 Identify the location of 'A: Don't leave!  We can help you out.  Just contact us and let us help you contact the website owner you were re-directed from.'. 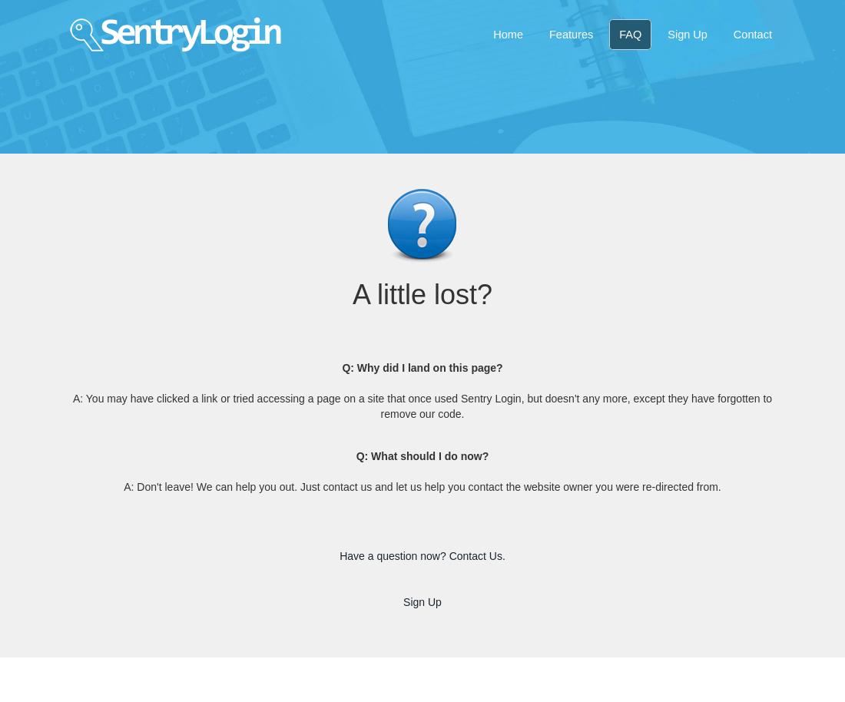
(422, 485).